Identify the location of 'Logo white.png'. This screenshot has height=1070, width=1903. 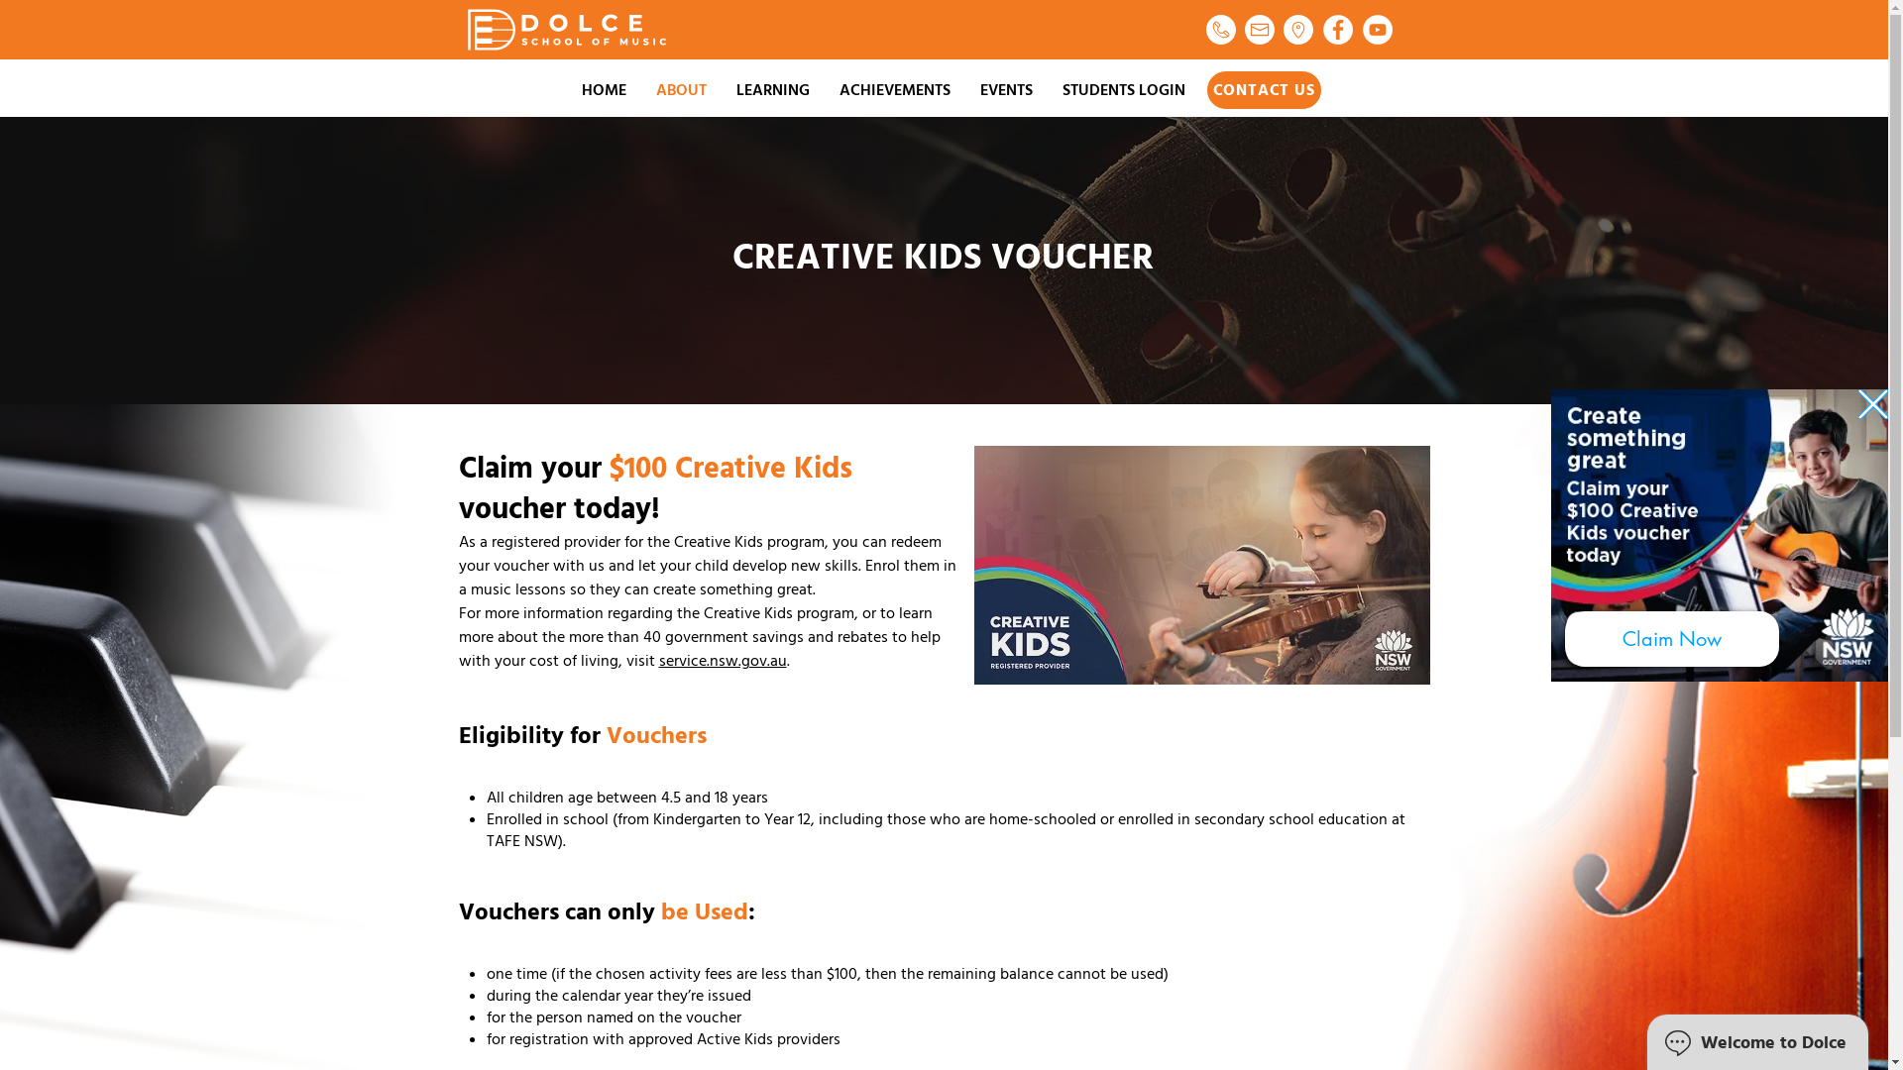
(466, 30).